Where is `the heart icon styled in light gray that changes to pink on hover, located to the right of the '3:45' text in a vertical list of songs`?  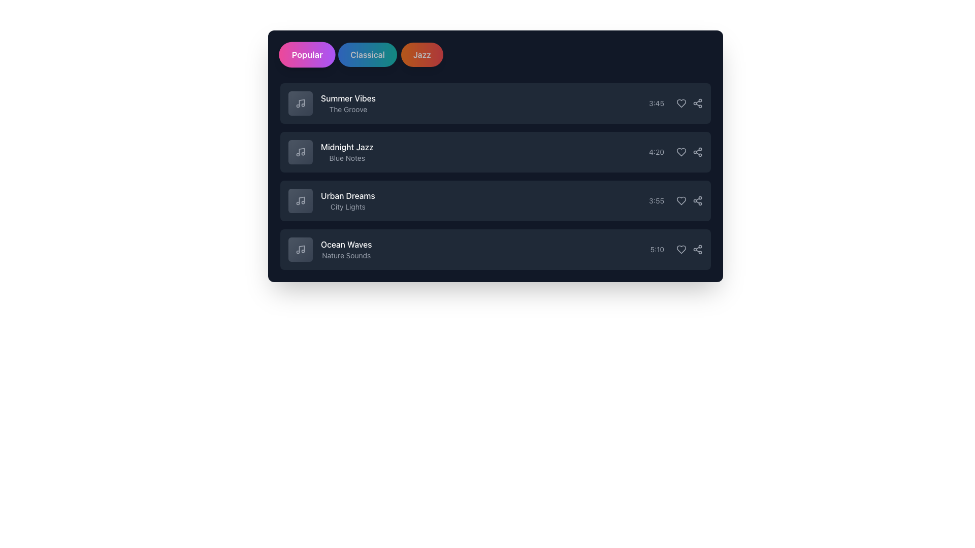
the heart icon styled in light gray that changes to pink on hover, located to the right of the '3:45' text in a vertical list of songs is located at coordinates (681, 104).